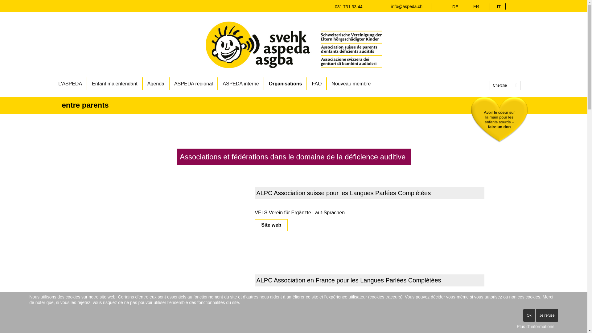  Describe the element at coordinates (70, 84) in the screenshot. I see `'L'ASPEDA'` at that location.